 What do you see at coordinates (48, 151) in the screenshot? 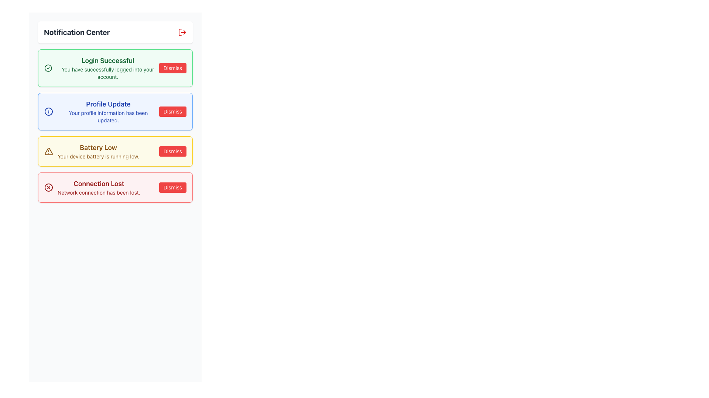
I see `the warning icon that signifies the importance of the 'Battery Low' notification, located to the left of the header text` at bounding box center [48, 151].